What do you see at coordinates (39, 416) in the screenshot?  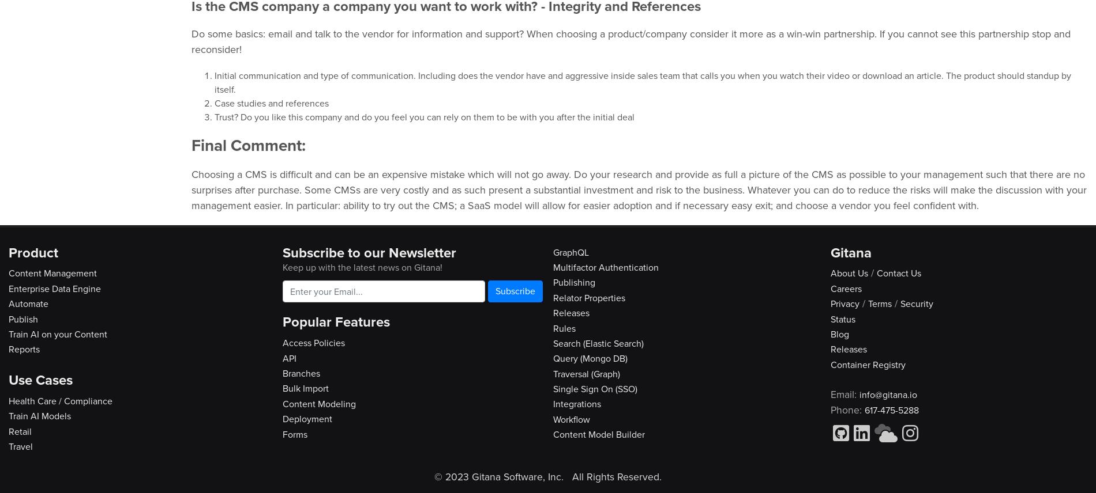 I see `'Train AI Models'` at bounding box center [39, 416].